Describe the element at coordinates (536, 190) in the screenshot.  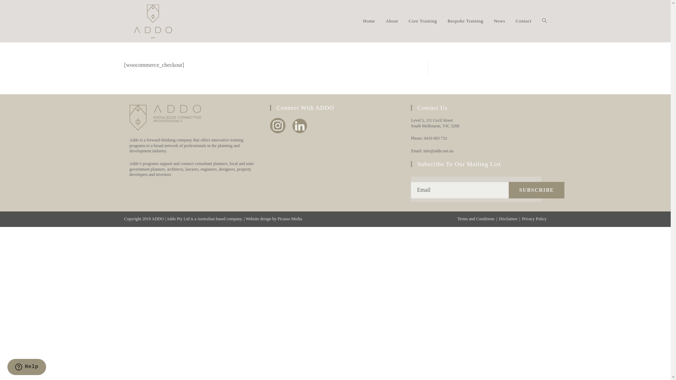
I see `'SUBSCRIBE'` at that location.